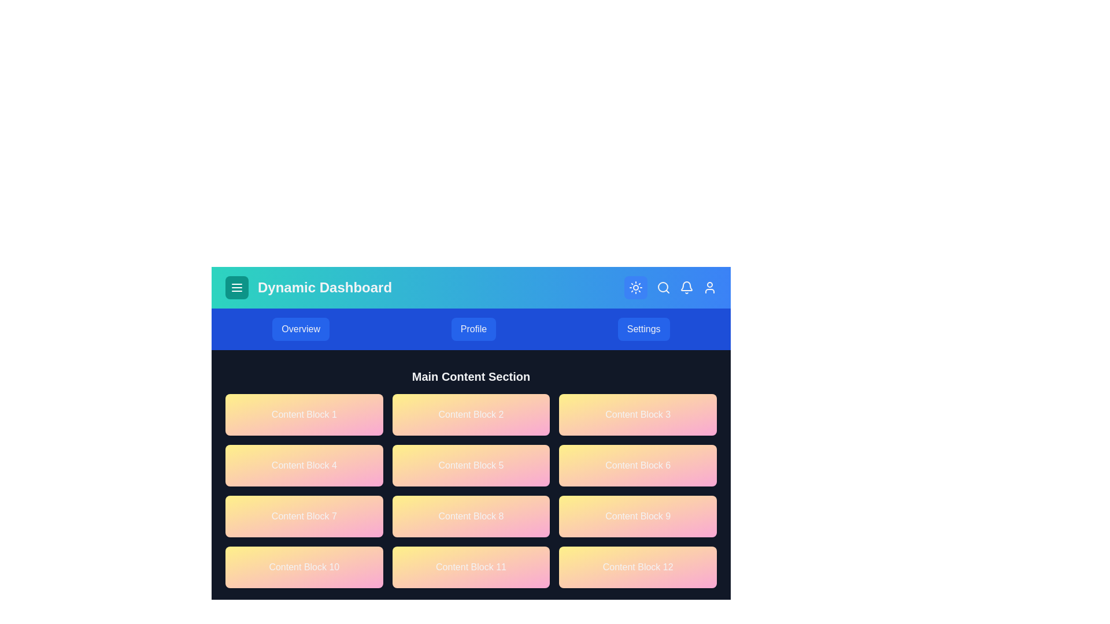 Image resolution: width=1110 pixels, height=624 pixels. What do you see at coordinates (635, 287) in the screenshot?
I see `the sun/moon icon to toggle between dark and light mode` at bounding box center [635, 287].